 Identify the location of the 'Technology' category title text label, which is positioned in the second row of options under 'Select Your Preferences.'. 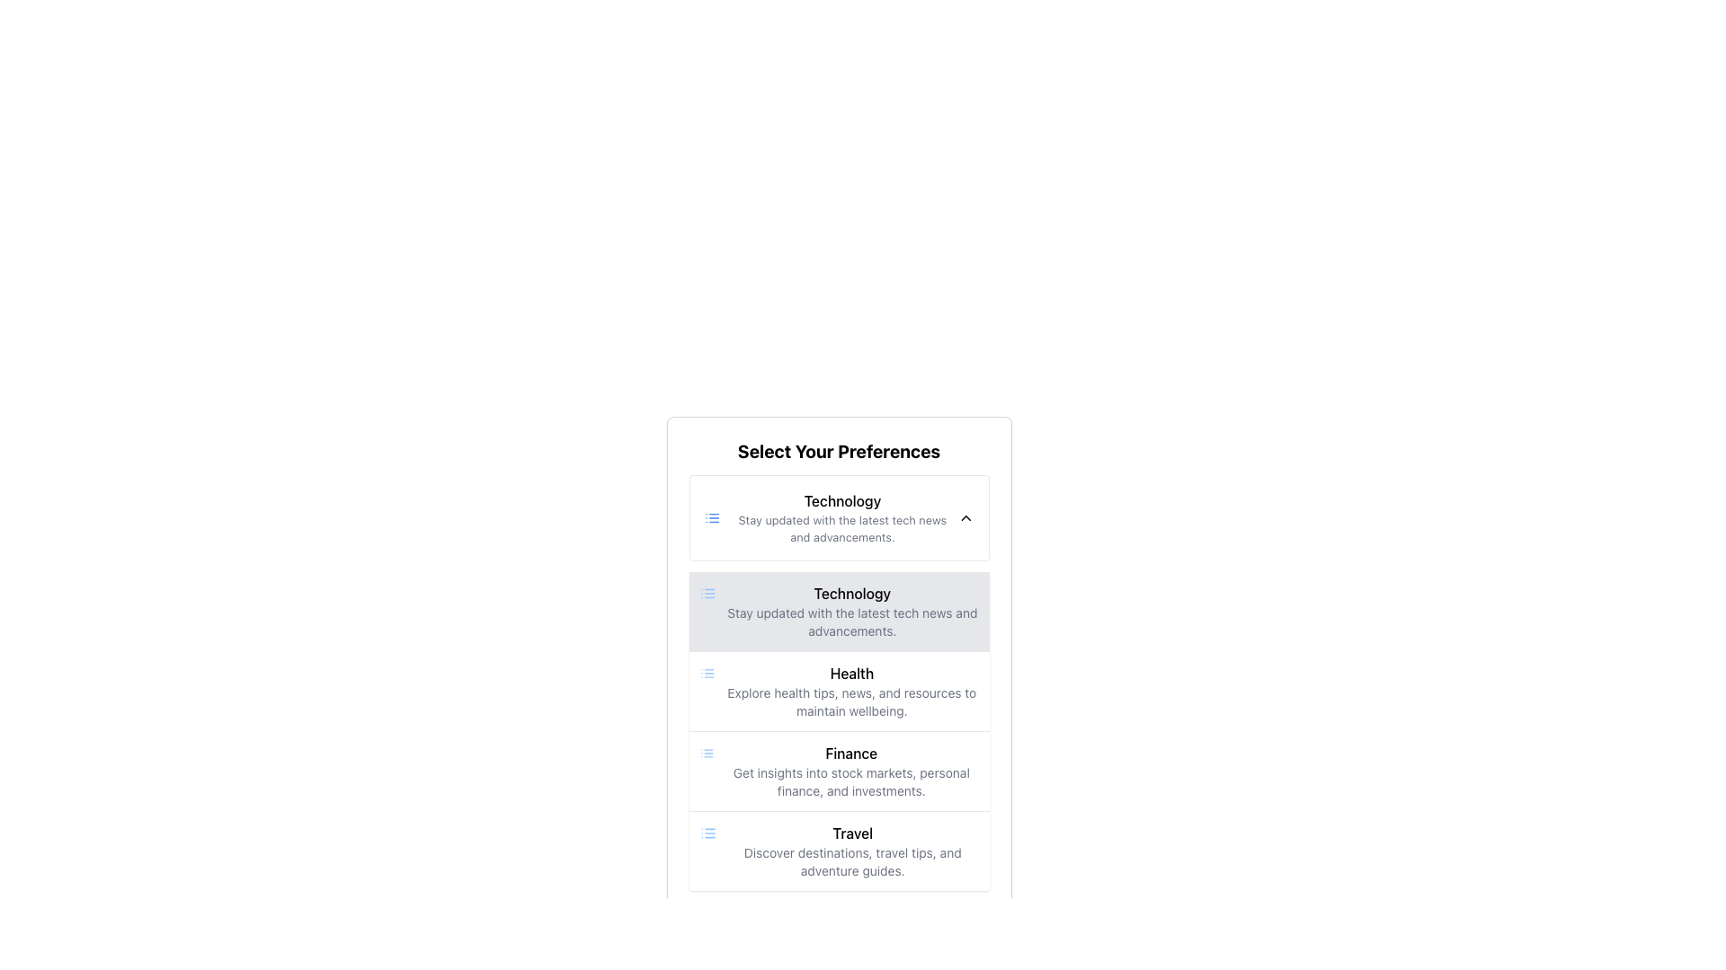
(851, 594).